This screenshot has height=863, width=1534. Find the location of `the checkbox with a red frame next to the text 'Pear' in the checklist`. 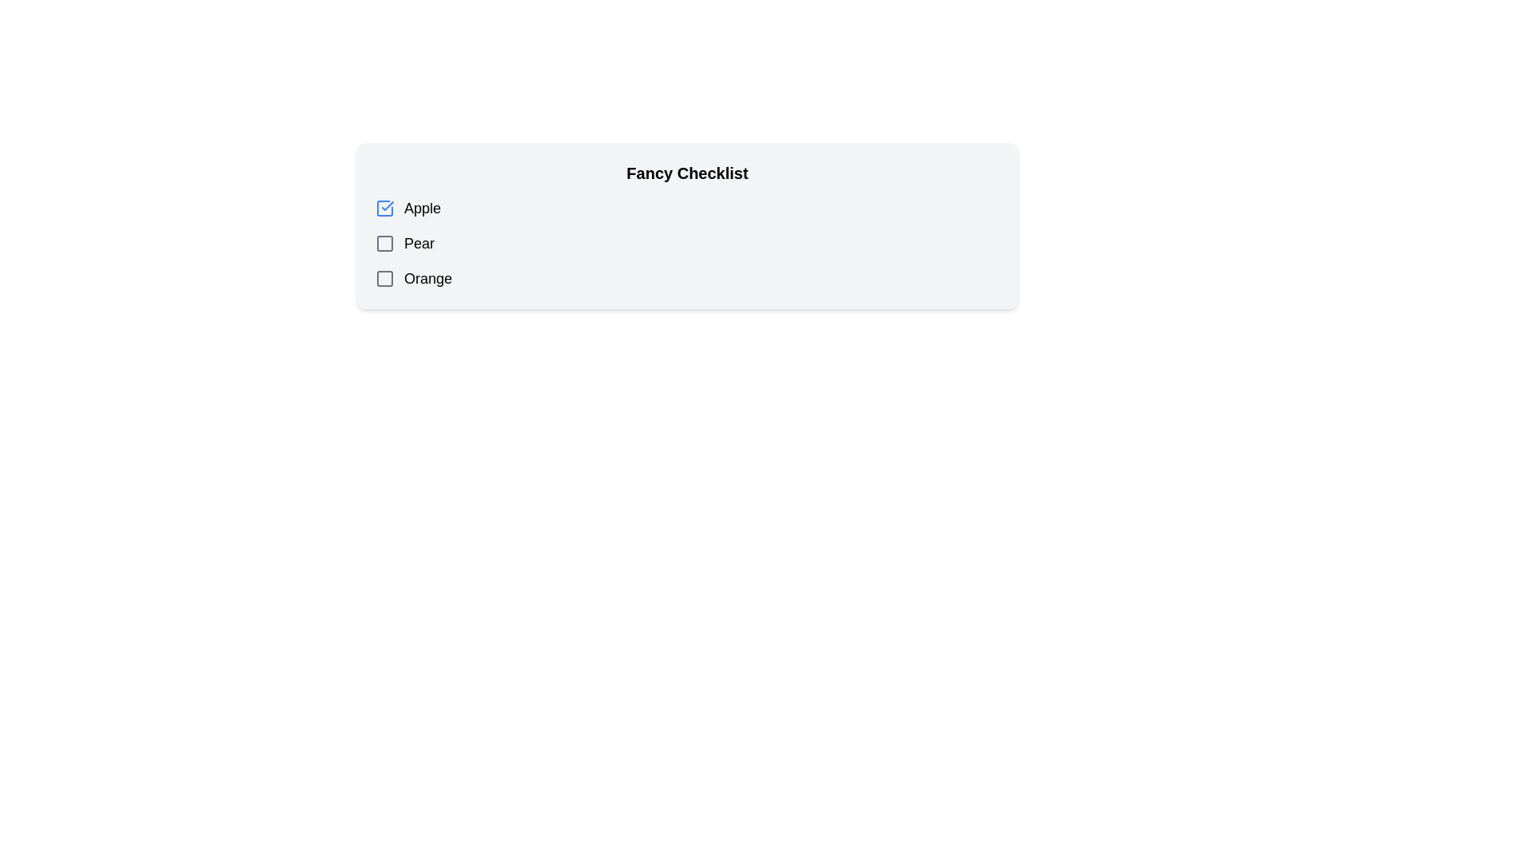

the checkbox with a red frame next to the text 'Pear' in the checklist is located at coordinates (384, 243).